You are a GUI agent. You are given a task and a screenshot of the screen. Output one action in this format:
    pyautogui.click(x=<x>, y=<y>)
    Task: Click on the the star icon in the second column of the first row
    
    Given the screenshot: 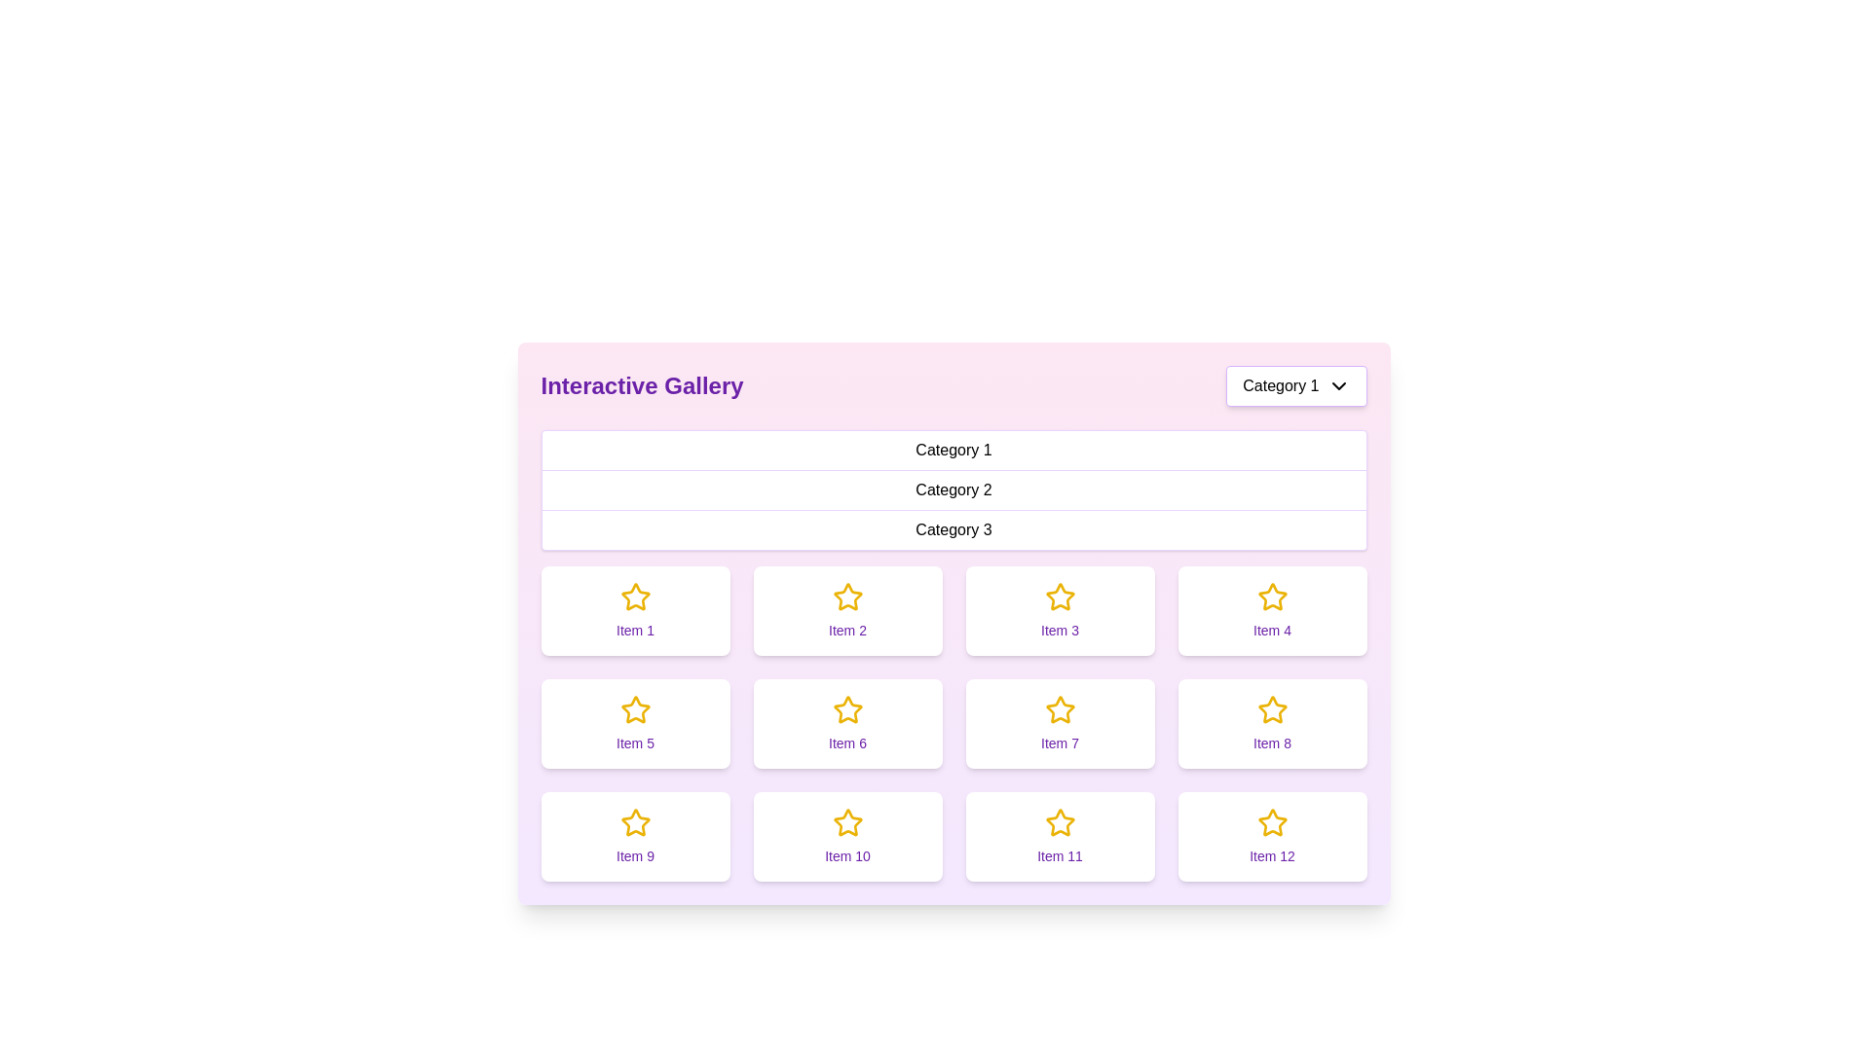 What is the action you would take?
    pyautogui.click(x=847, y=596)
    